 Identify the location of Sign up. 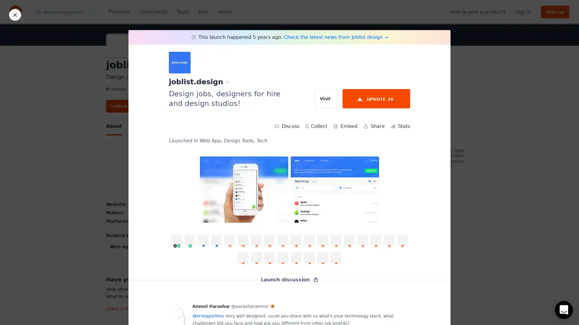
(555, 12).